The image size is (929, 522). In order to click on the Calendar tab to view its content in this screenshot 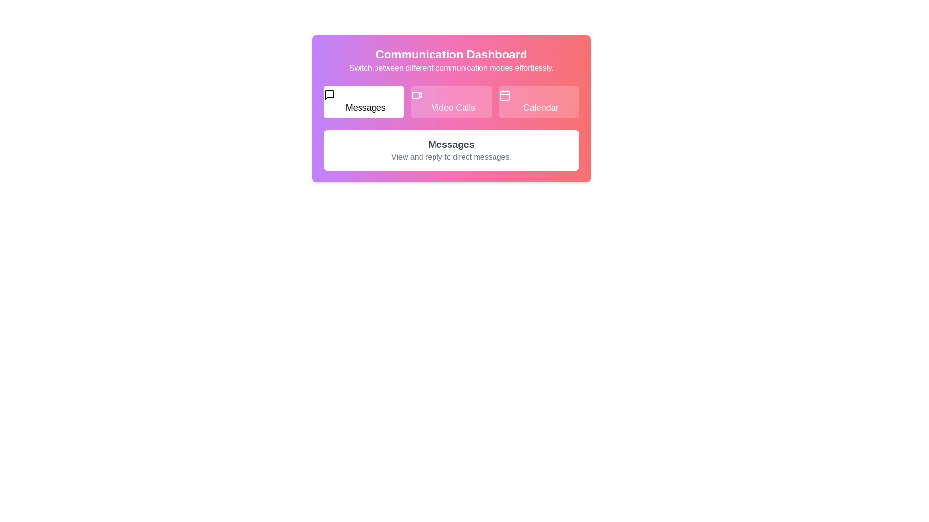, I will do `click(538, 102)`.